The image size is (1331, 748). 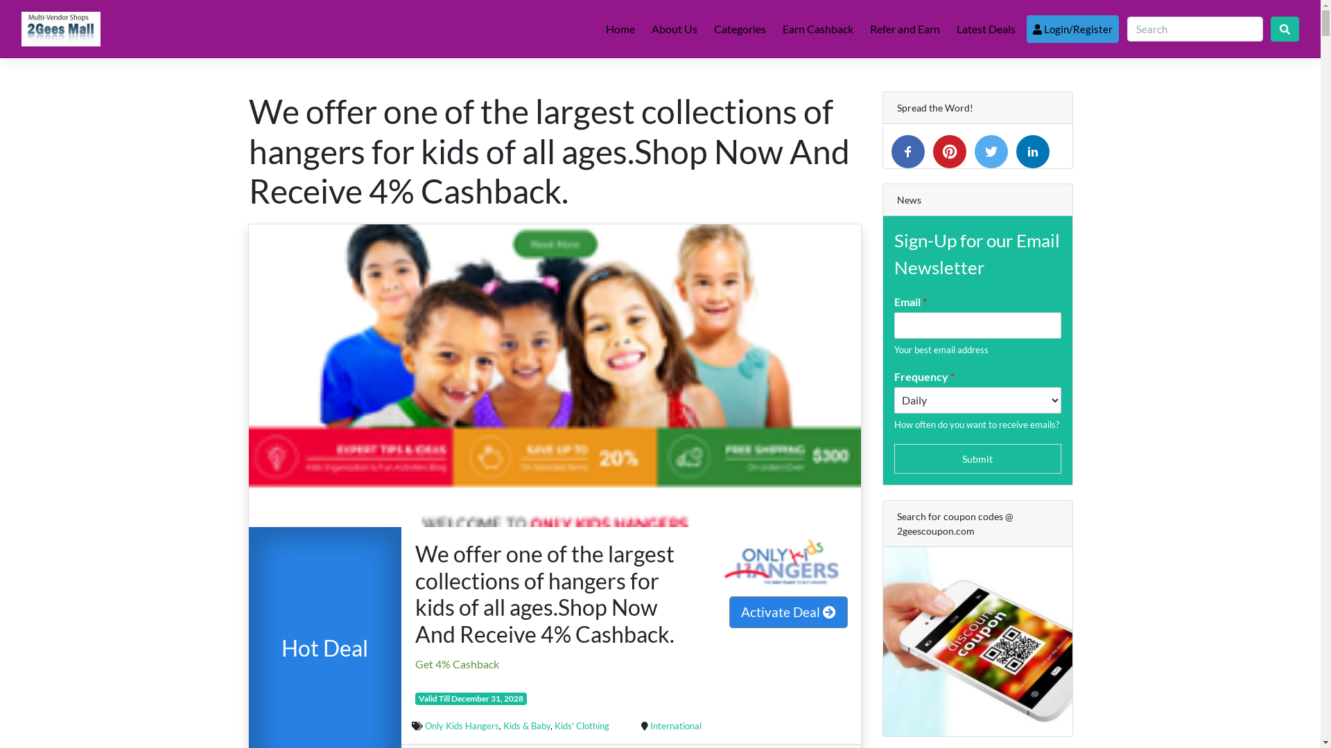 I want to click on 'Submit', so click(x=977, y=458).